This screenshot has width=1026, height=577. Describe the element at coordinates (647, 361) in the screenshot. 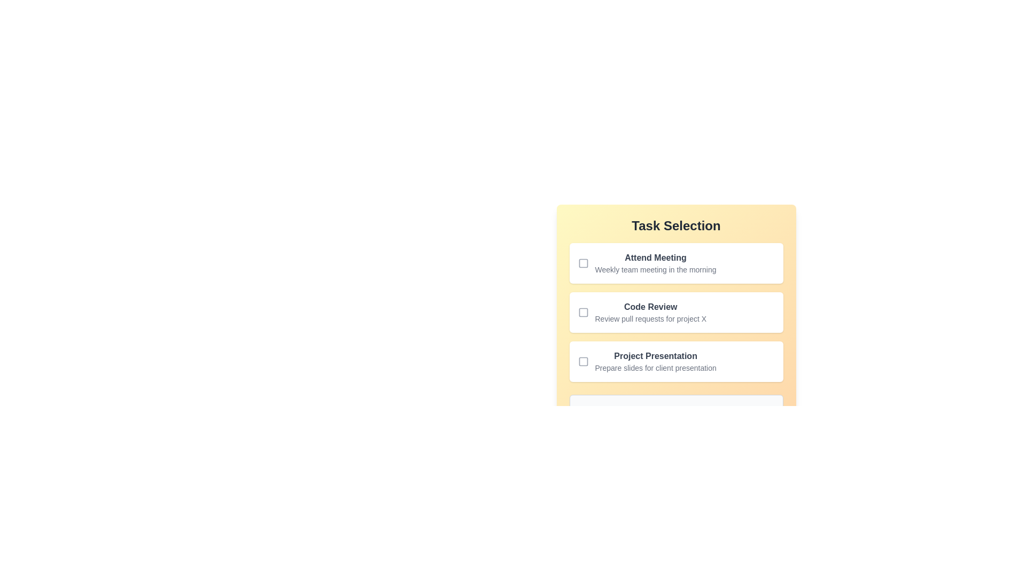

I see `the third interactive checkbox list item representing a selectable task option` at that location.